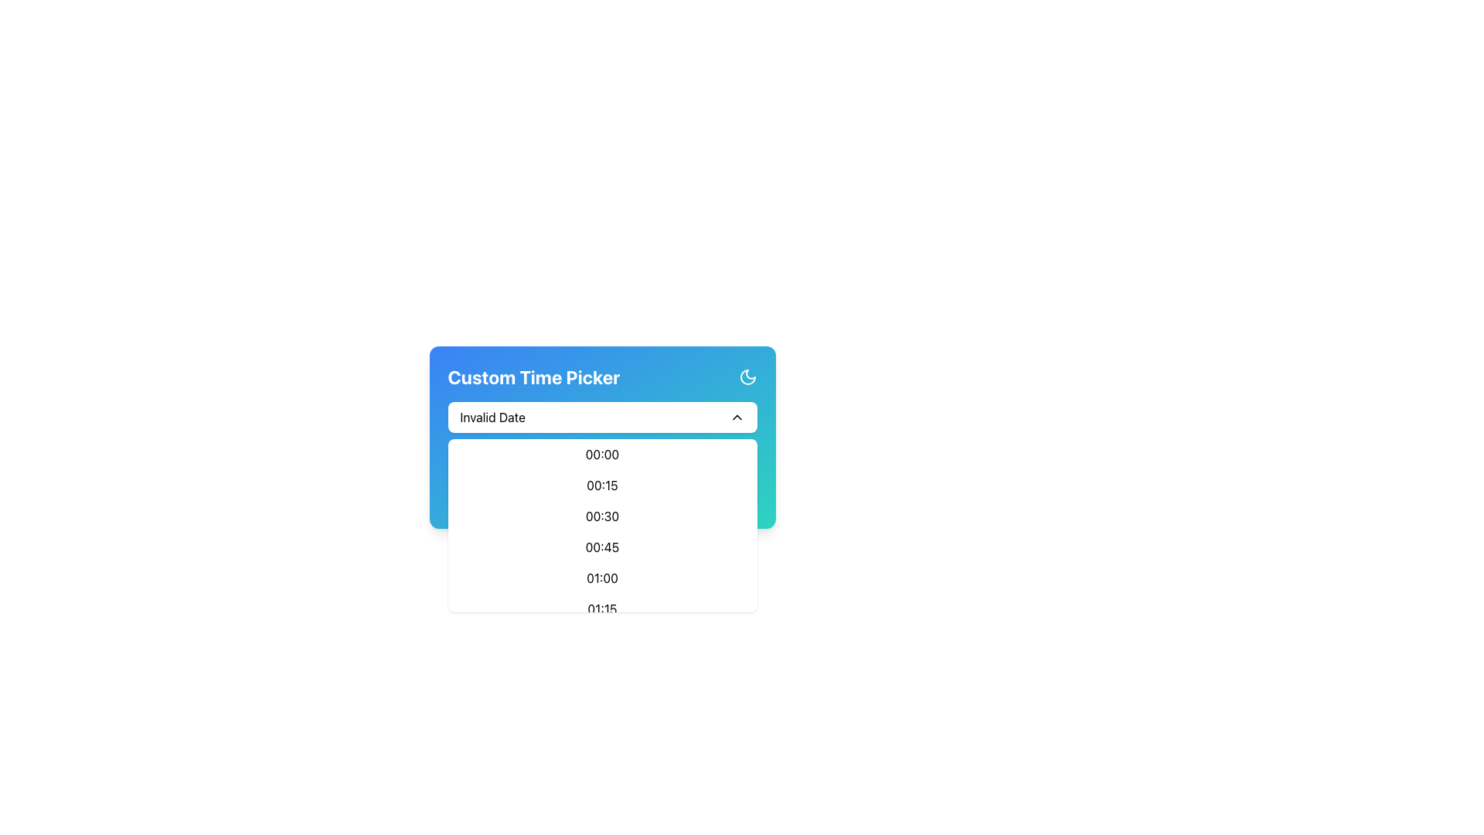 The image size is (1484, 835). What do you see at coordinates (601, 476) in the screenshot?
I see `the selectable time option in the dropdown list of the 'Custom Time Picker' component, located directly below '00:00' and above '00:30'` at bounding box center [601, 476].